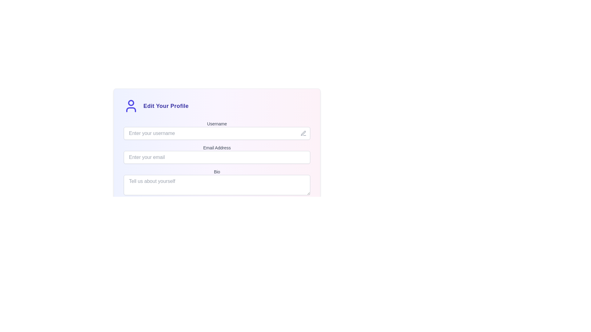 The image size is (591, 332). What do you see at coordinates (303, 133) in the screenshot?
I see `the edit icon located to the right of the 'Username' input field` at bounding box center [303, 133].